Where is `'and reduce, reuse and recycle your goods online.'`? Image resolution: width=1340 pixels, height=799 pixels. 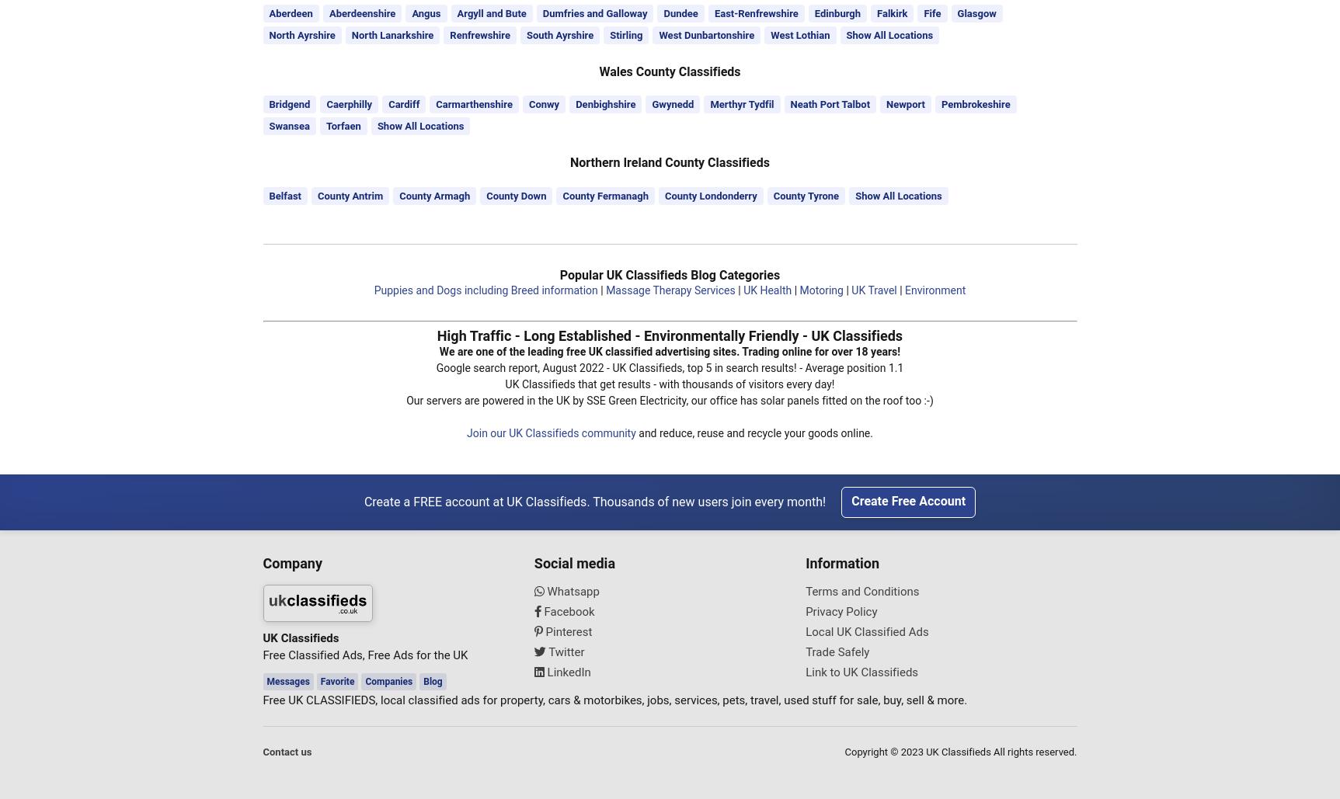
'and reduce, reuse and recycle your goods online.' is located at coordinates (754, 430).